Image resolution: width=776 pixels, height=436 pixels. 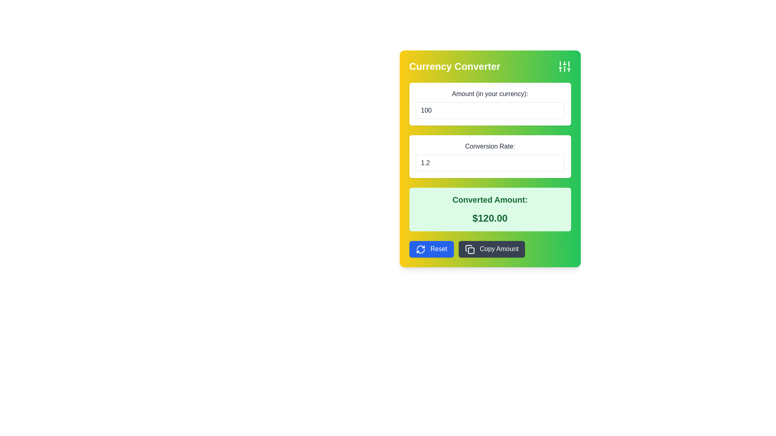 I want to click on the refresh icon element located within the 'Reset' button at the bottom-left of the interactive card with a gradient green background, so click(x=420, y=249).